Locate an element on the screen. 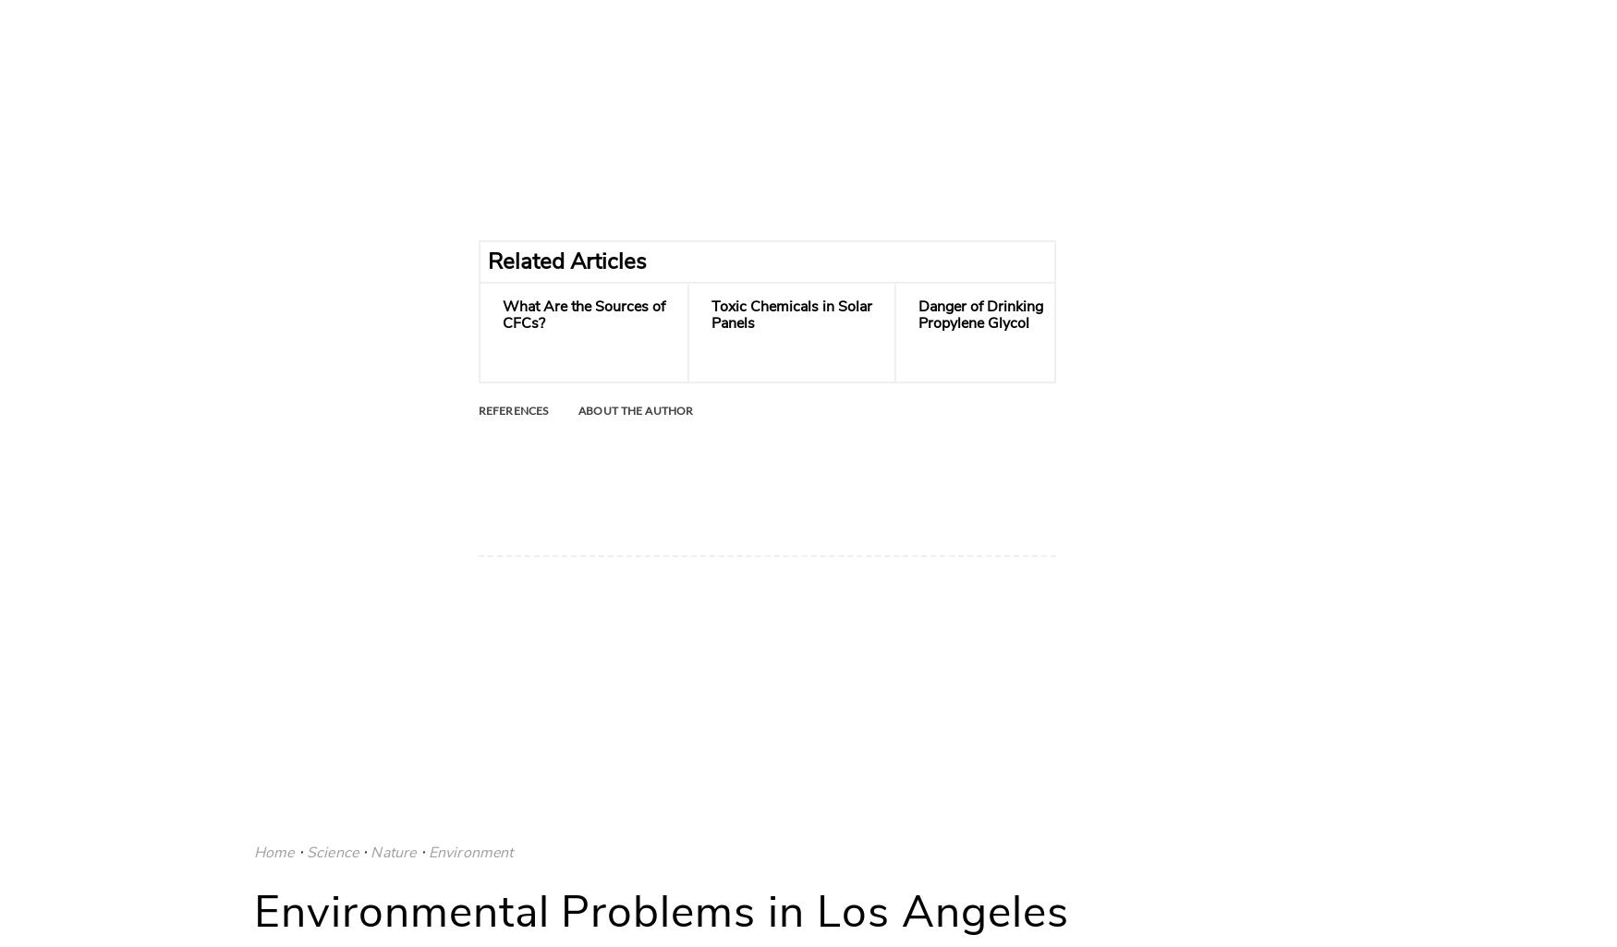  'Home' is located at coordinates (273, 850).